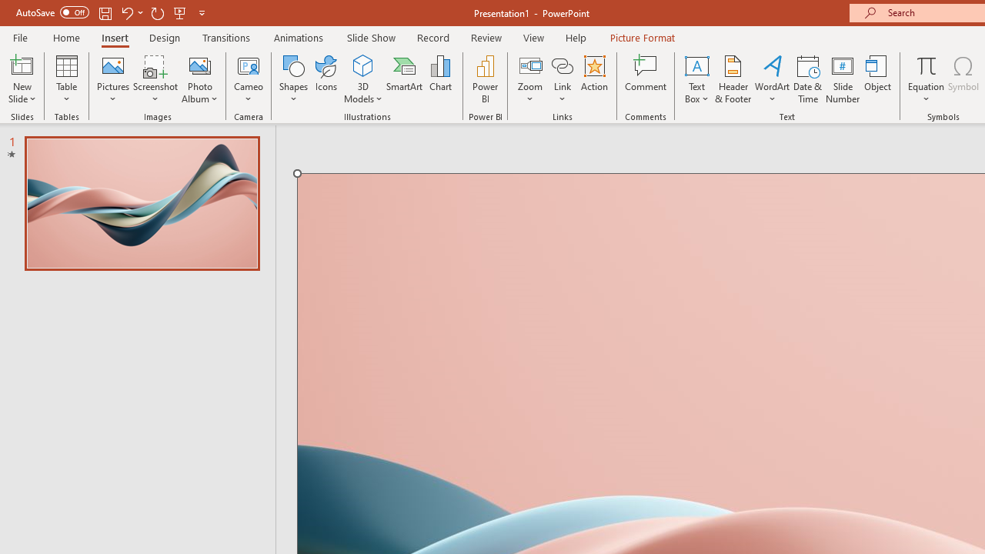 Image resolution: width=985 pixels, height=554 pixels. Describe the element at coordinates (362, 79) in the screenshot. I see `'3D Models'` at that location.